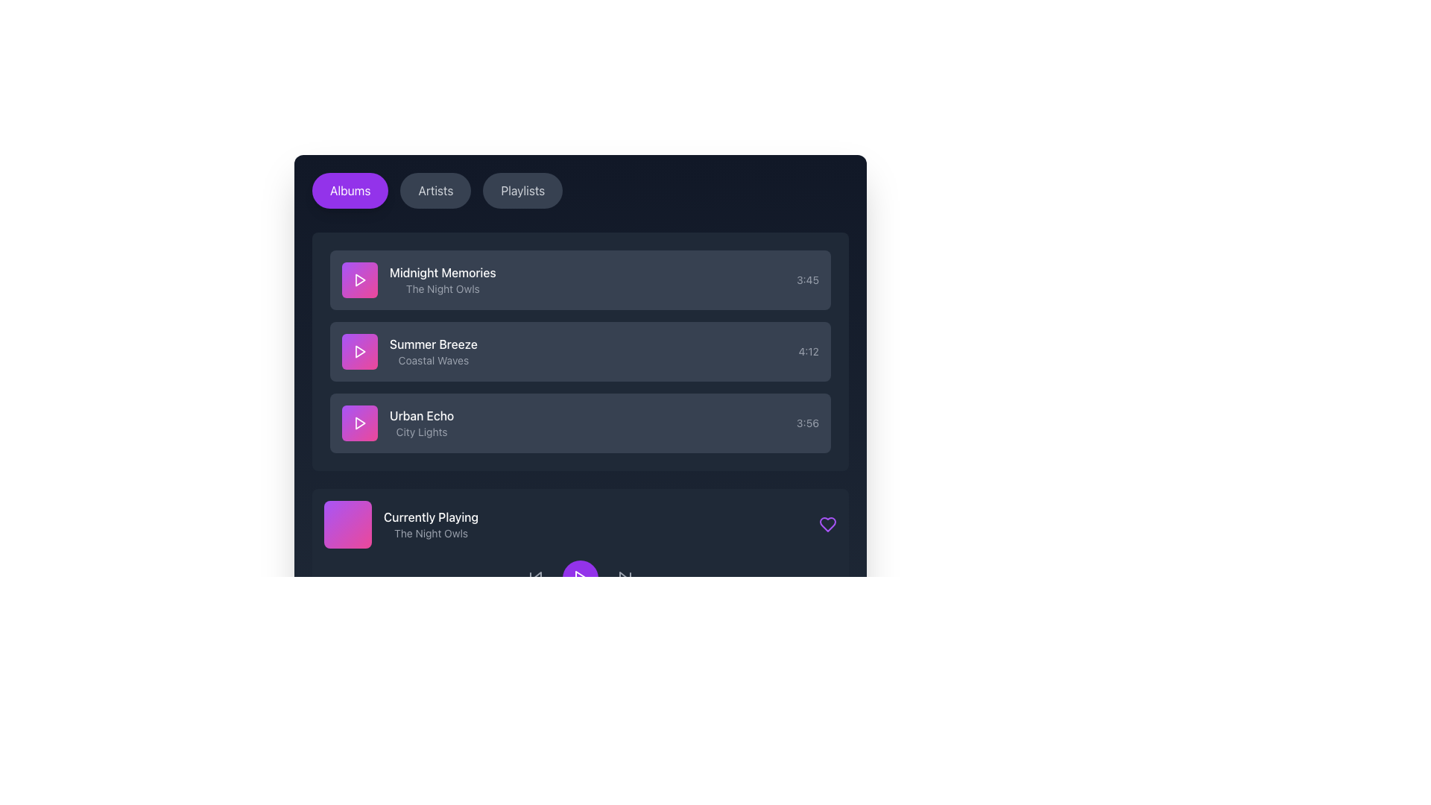 Image resolution: width=1431 pixels, height=805 pixels. What do you see at coordinates (579, 577) in the screenshot?
I see `the forward button on the Playback control panel to skip to the next track` at bounding box center [579, 577].